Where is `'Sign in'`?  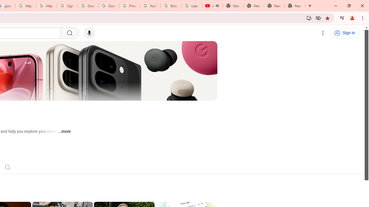
'Sign in' is located at coordinates (345, 33).